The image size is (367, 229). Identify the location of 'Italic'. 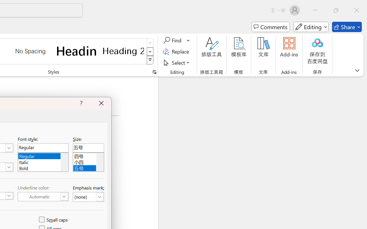
(43, 161).